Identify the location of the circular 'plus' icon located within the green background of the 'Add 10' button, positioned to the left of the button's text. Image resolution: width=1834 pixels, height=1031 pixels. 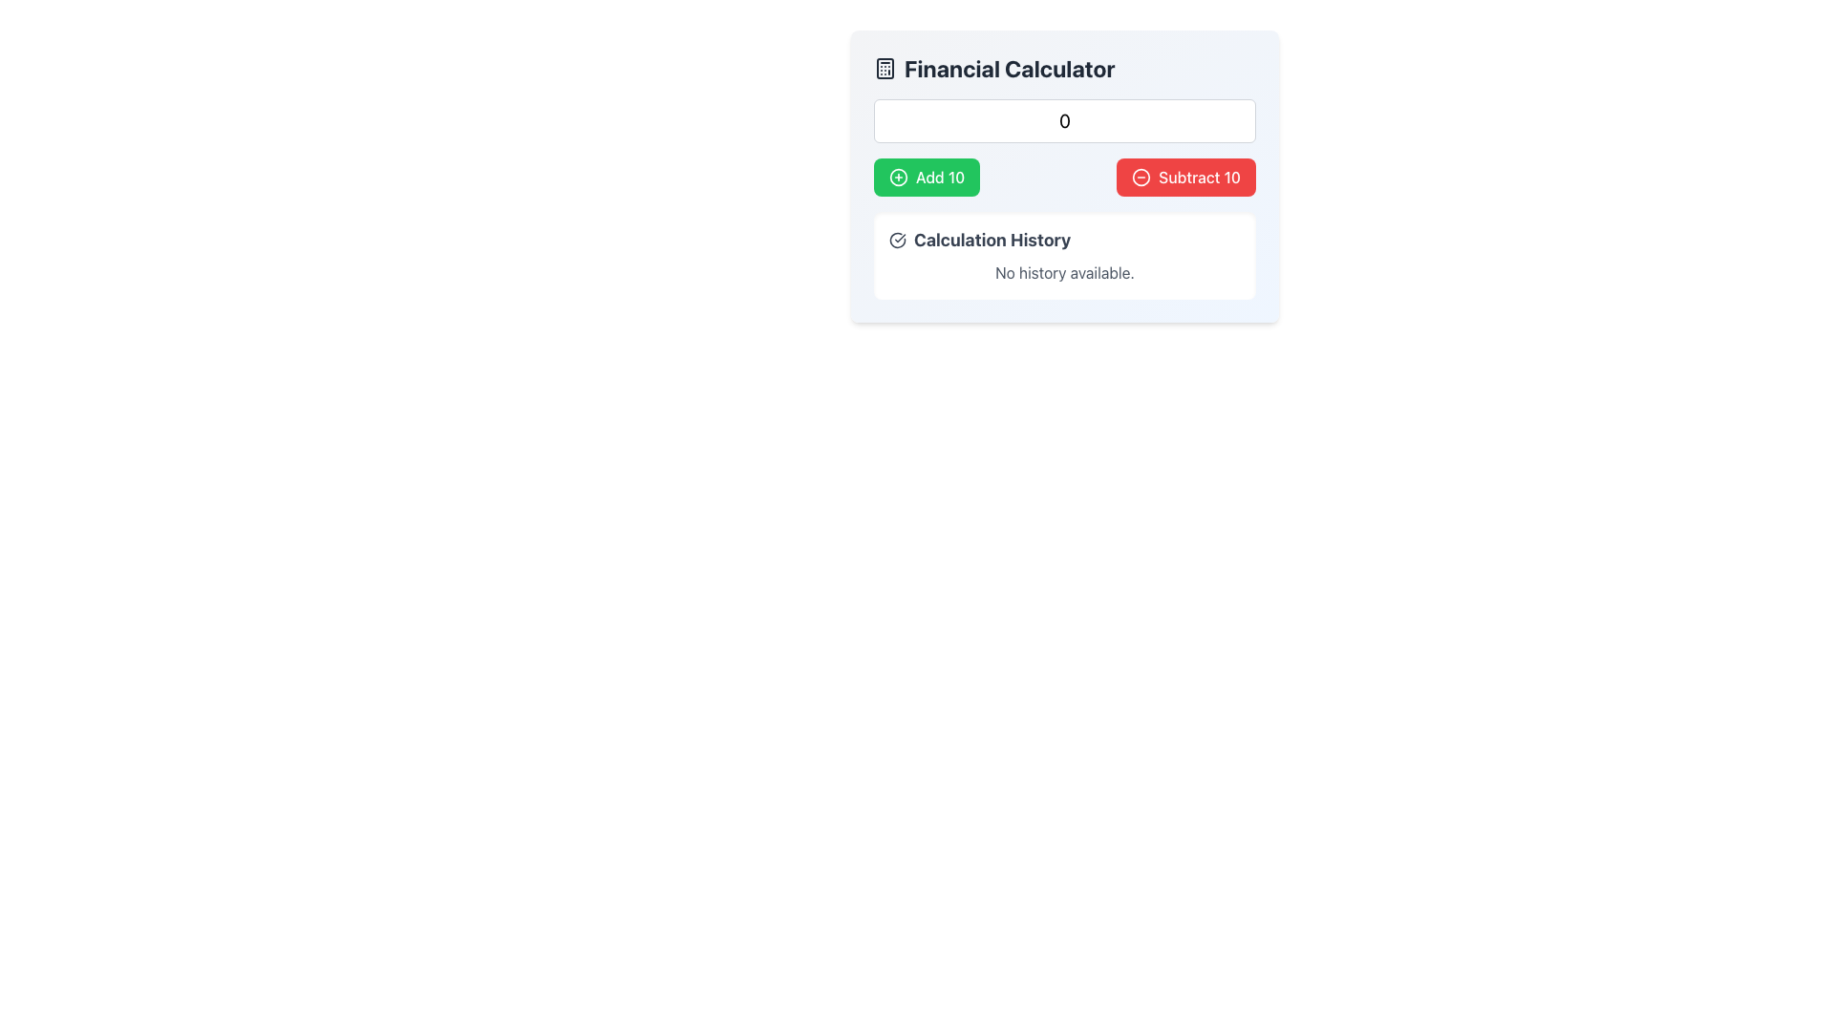
(897, 177).